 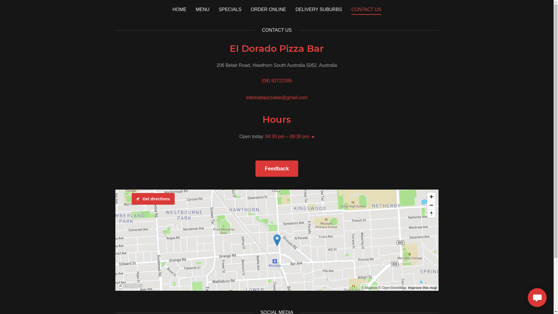 I want to click on 'Get directions', so click(x=153, y=198).